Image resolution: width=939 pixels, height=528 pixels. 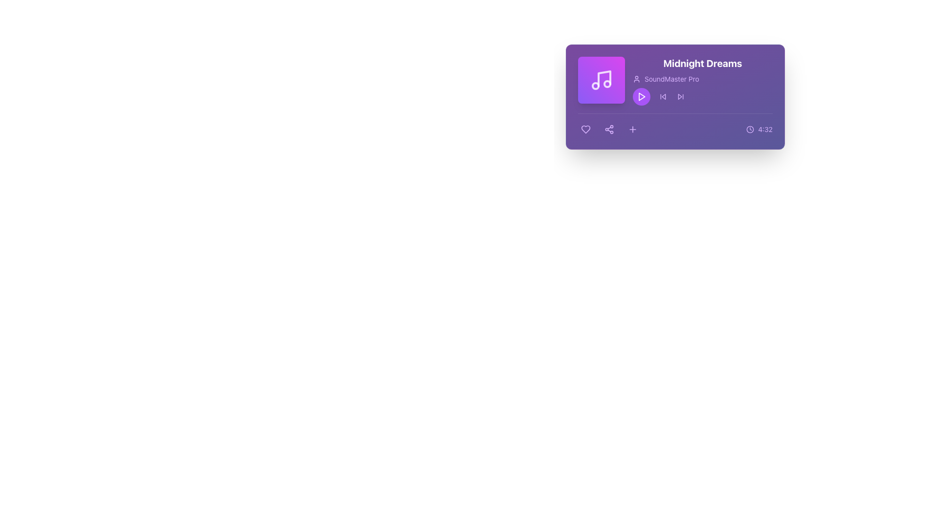 What do you see at coordinates (671, 79) in the screenshot?
I see `the Text label displaying 'SoundMaster Pro', which is located in the top-right section of the interface, adjacent to other elements and below the main title 'Midnight Dreams'` at bounding box center [671, 79].